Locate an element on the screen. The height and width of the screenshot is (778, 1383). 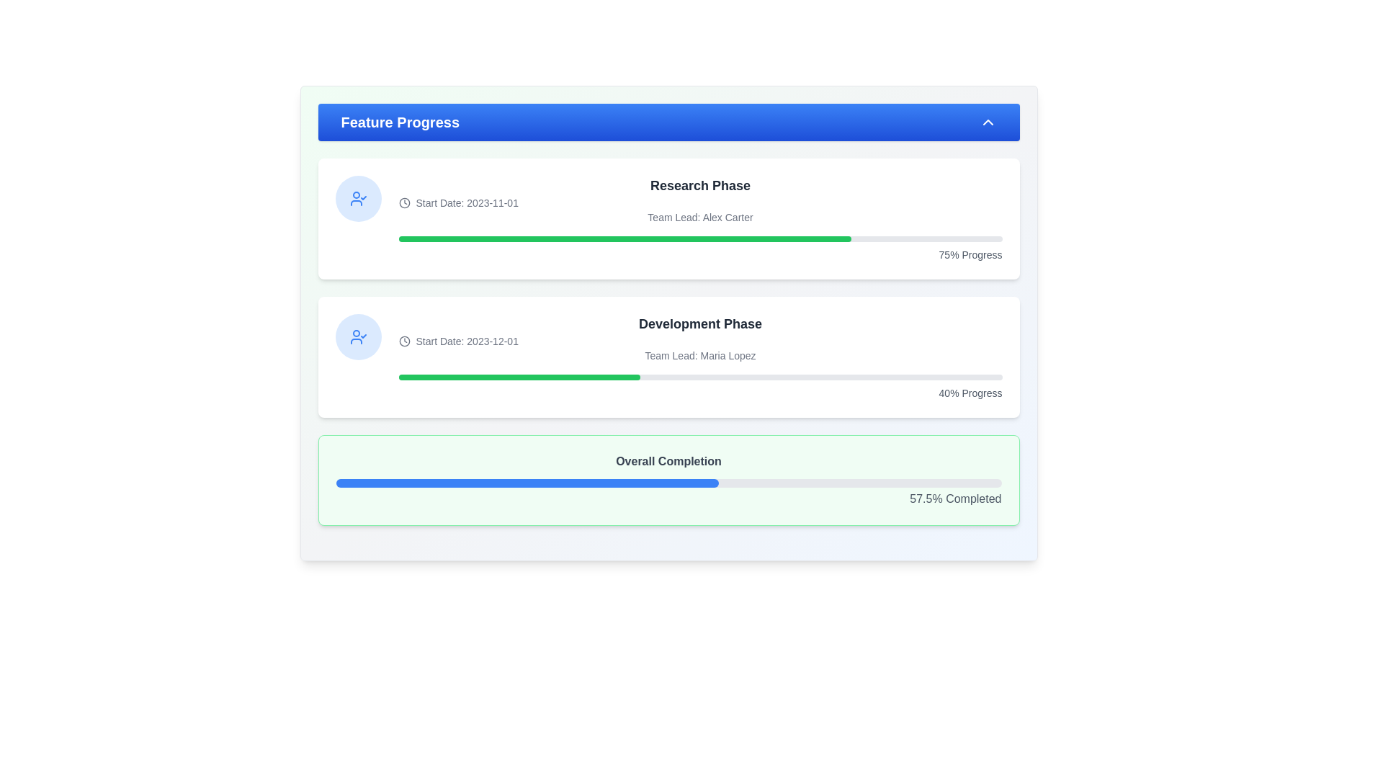
the progress bar located below the text 'Team Lead: Alex Carter' in the 'Research Phase' section is located at coordinates (700, 238).